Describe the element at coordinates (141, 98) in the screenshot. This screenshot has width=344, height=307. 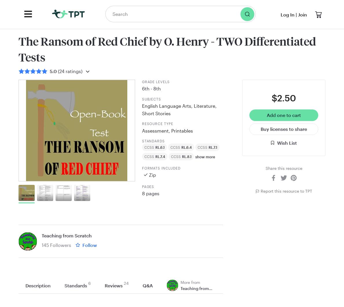
I see `'Subjects'` at that location.